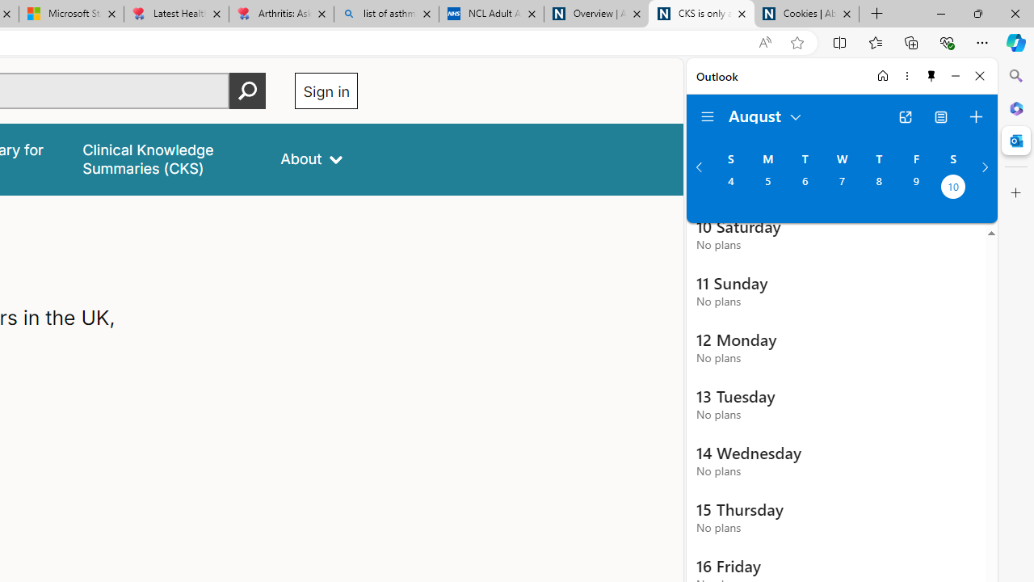 The width and height of the screenshot is (1034, 582). I want to click on 'Search', so click(1015, 76).